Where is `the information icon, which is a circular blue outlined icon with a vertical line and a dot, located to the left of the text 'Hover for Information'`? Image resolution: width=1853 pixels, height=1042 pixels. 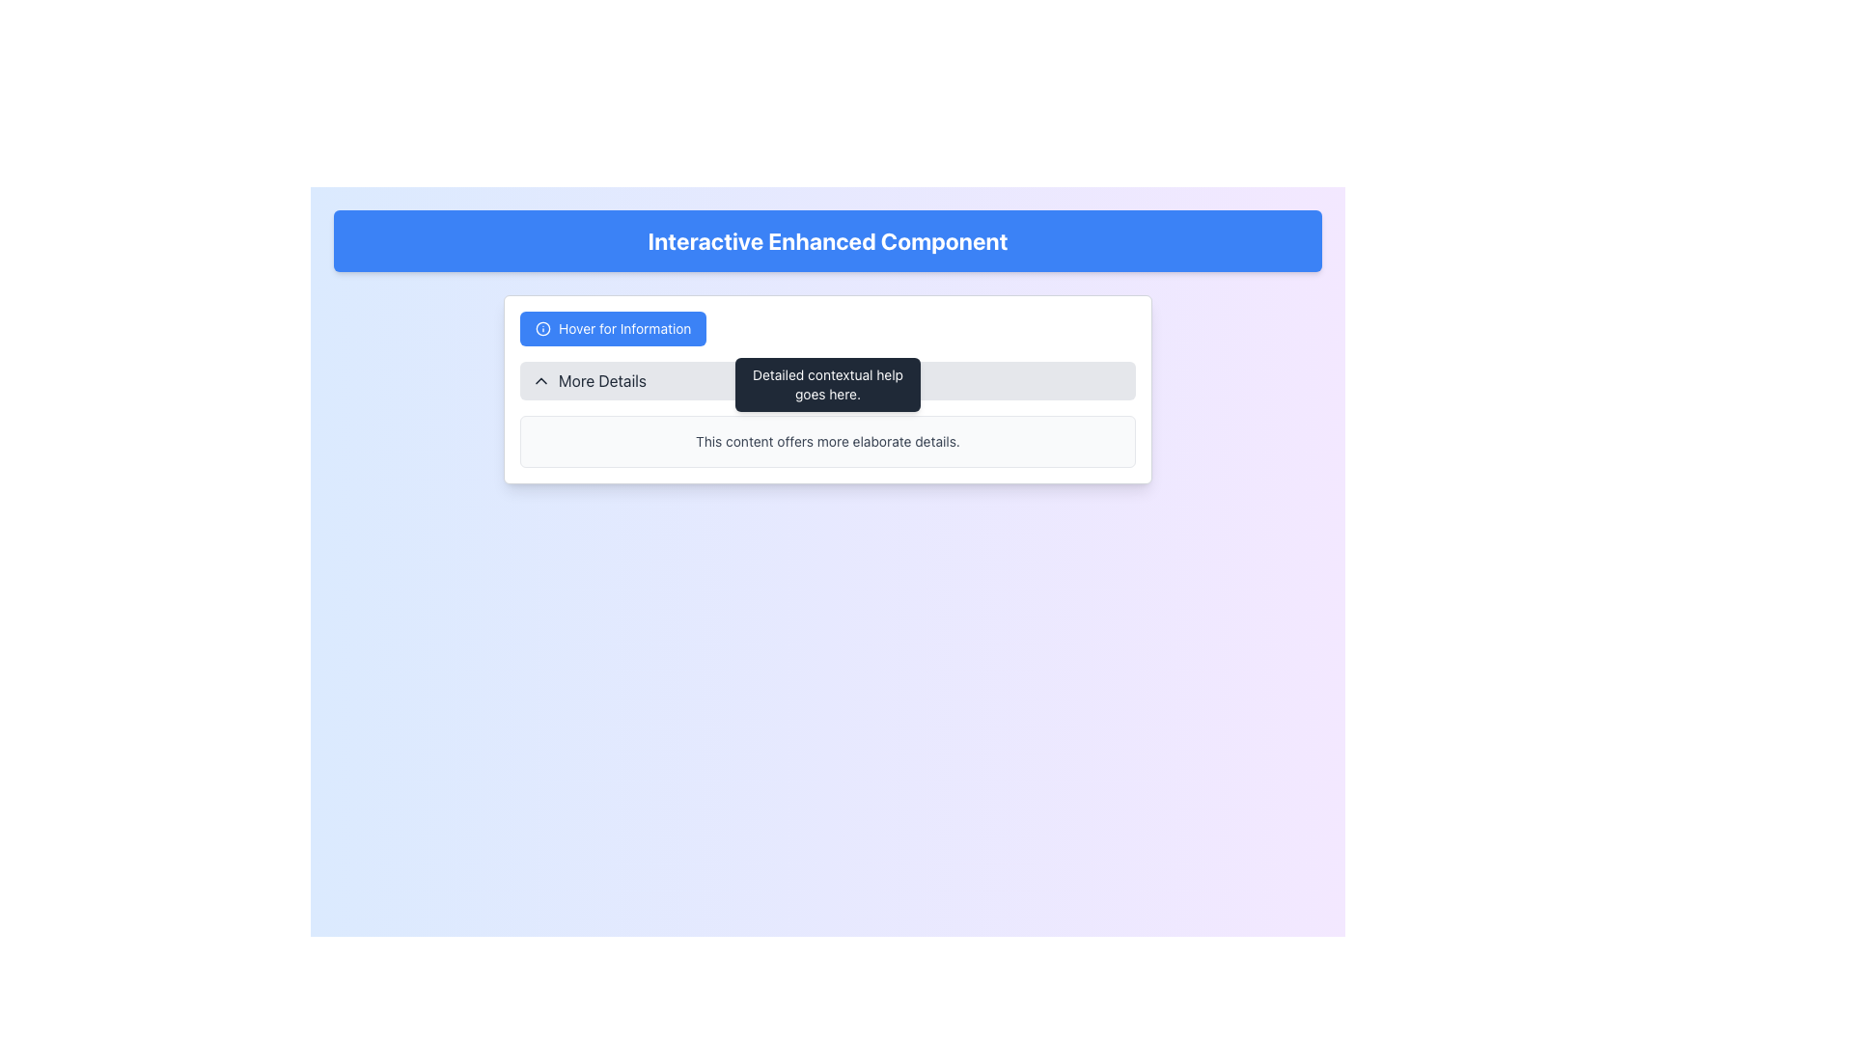 the information icon, which is a circular blue outlined icon with a vertical line and a dot, located to the left of the text 'Hover for Information' is located at coordinates (541, 327).